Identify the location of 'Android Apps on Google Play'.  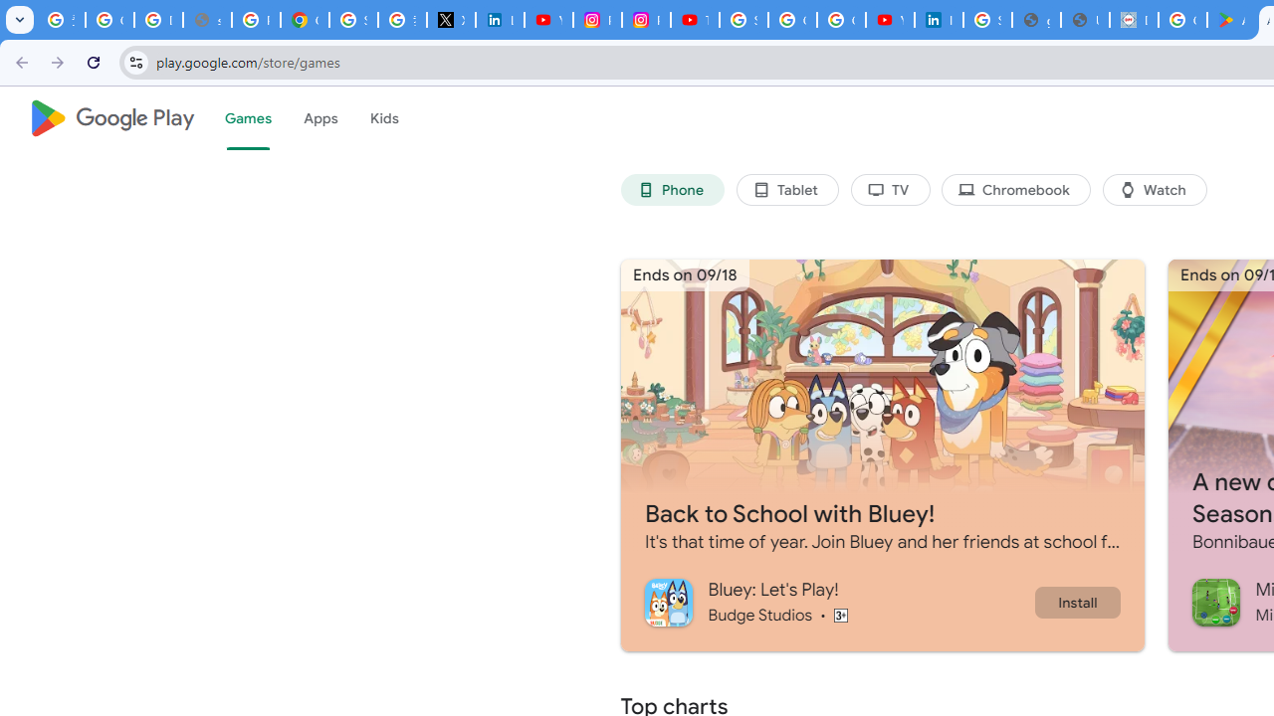
(1230, 20).